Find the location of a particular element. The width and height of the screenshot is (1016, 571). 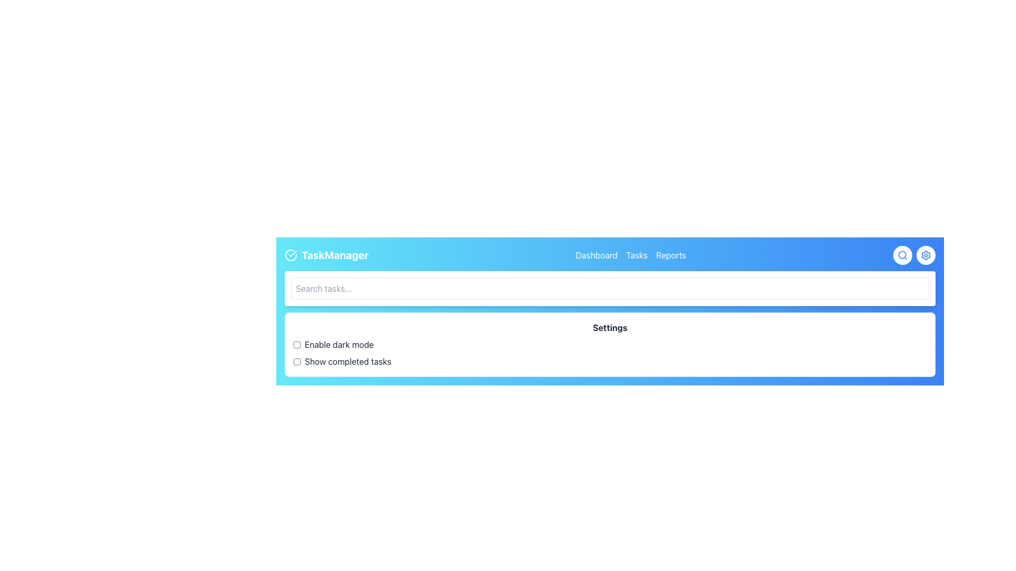

the navigation link for 'Tasks', which is the second item in the top-right navigation menu, to underline it is located at coordinates (636, 255).